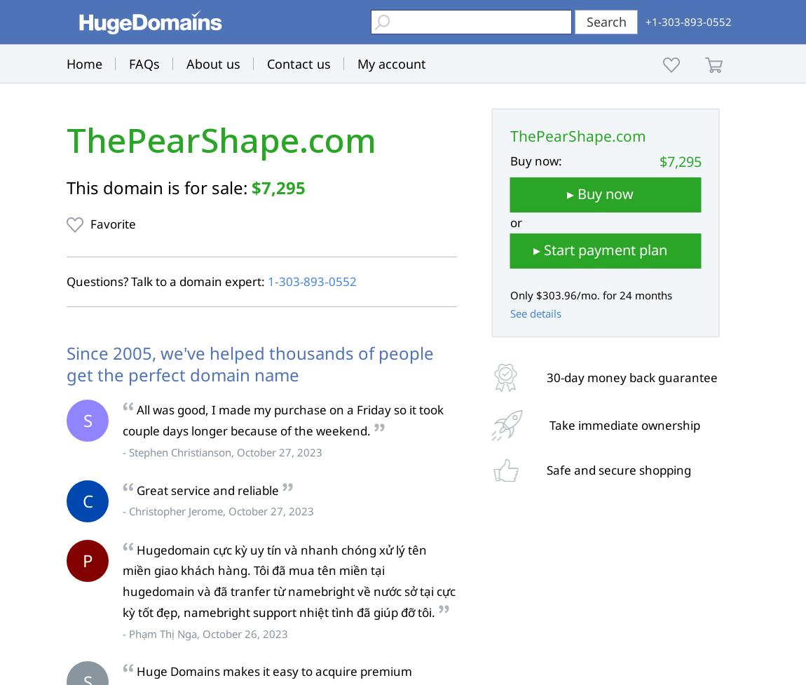 The image size is (806, 685). Describe the element at coordinates (205, 632) in the screenshot. I see `'- Phạm Thị Nga, October 26, 2023'` at that location.